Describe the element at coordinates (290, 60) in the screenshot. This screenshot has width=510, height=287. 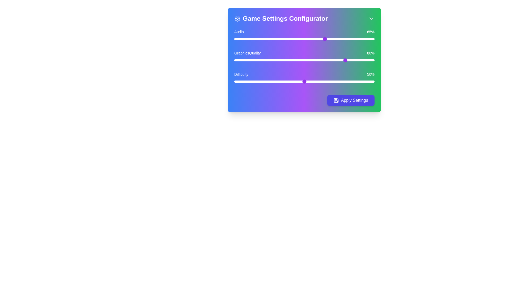
I see `the Graphics Quality` at that location.